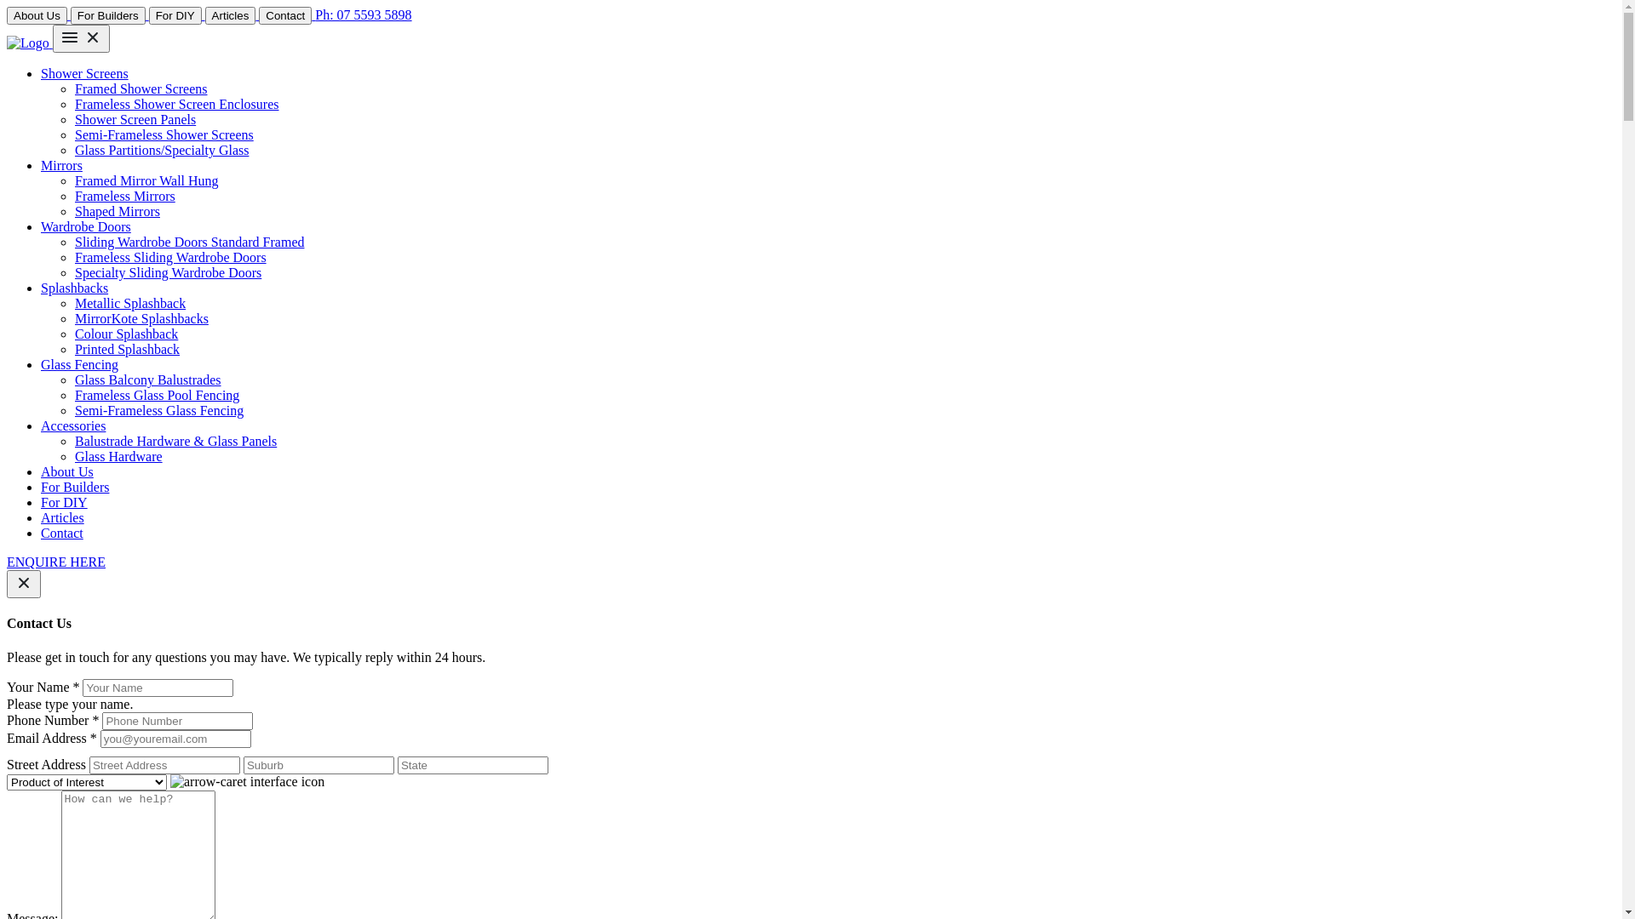 The image size is (1635, 919). What do you see at coordinates (134, 118) in the screenshot?
I see `'Shower Screen Panels'` at bounding box center [134, 118].